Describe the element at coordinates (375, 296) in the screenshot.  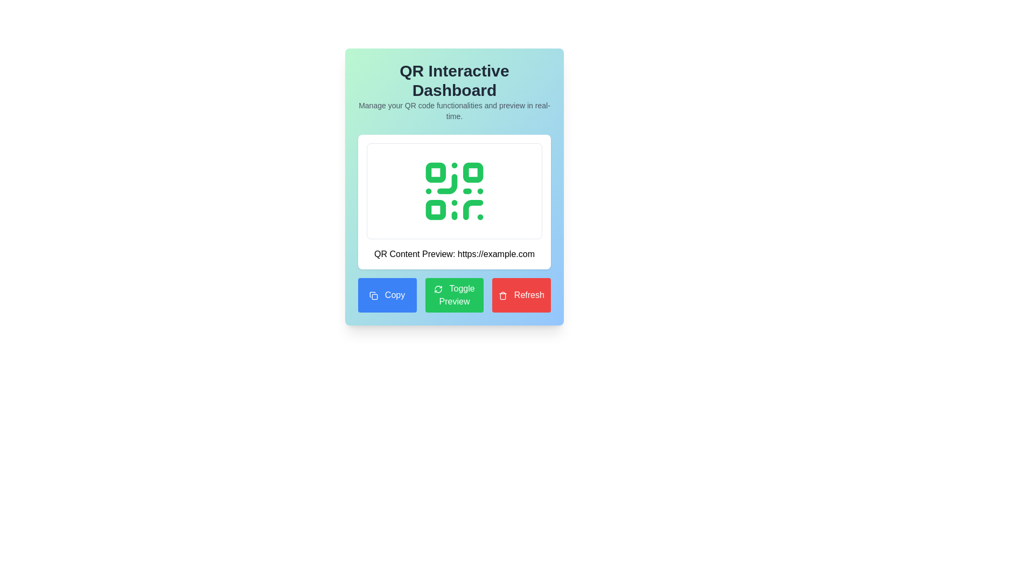
I see `the graphical icon located in the bottom left corner of the UI, which serves as a button for copying functionality` at that location.